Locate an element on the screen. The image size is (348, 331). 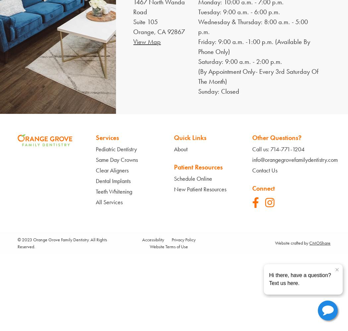
'Patient Resources' is located at coordinates (198, 167).